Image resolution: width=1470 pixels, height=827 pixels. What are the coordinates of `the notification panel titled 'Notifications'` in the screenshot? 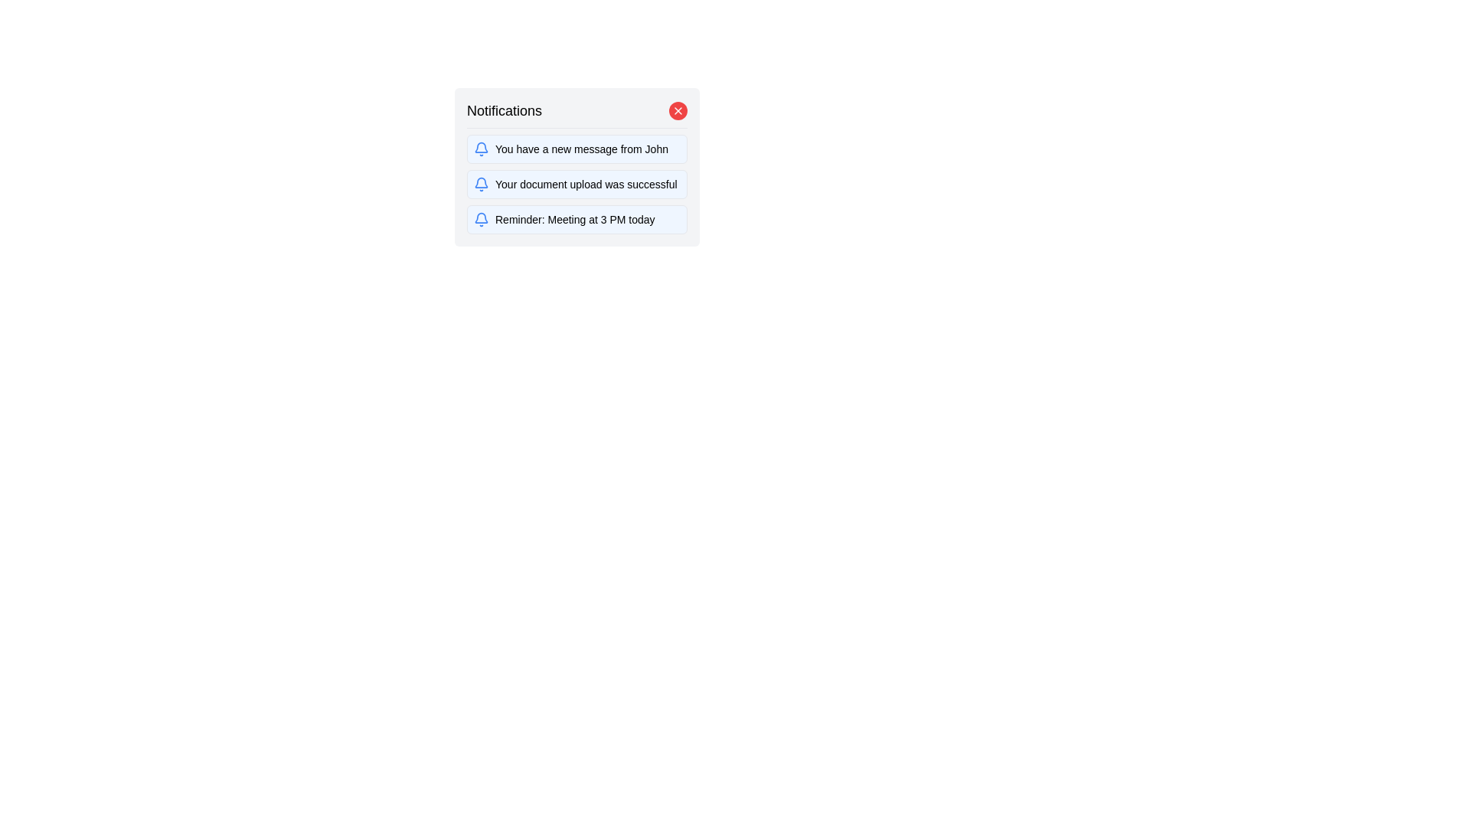 It's located at (576, 167).